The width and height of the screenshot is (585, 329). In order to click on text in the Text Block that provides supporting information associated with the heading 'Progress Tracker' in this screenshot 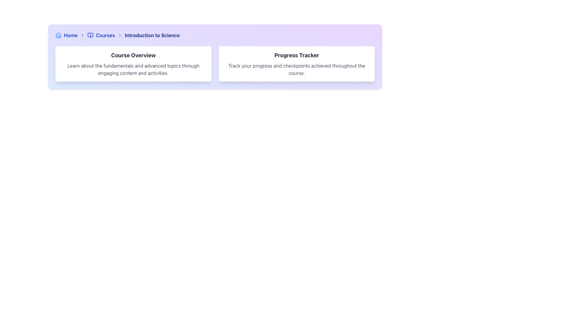, I will do `click(297, 69)`.